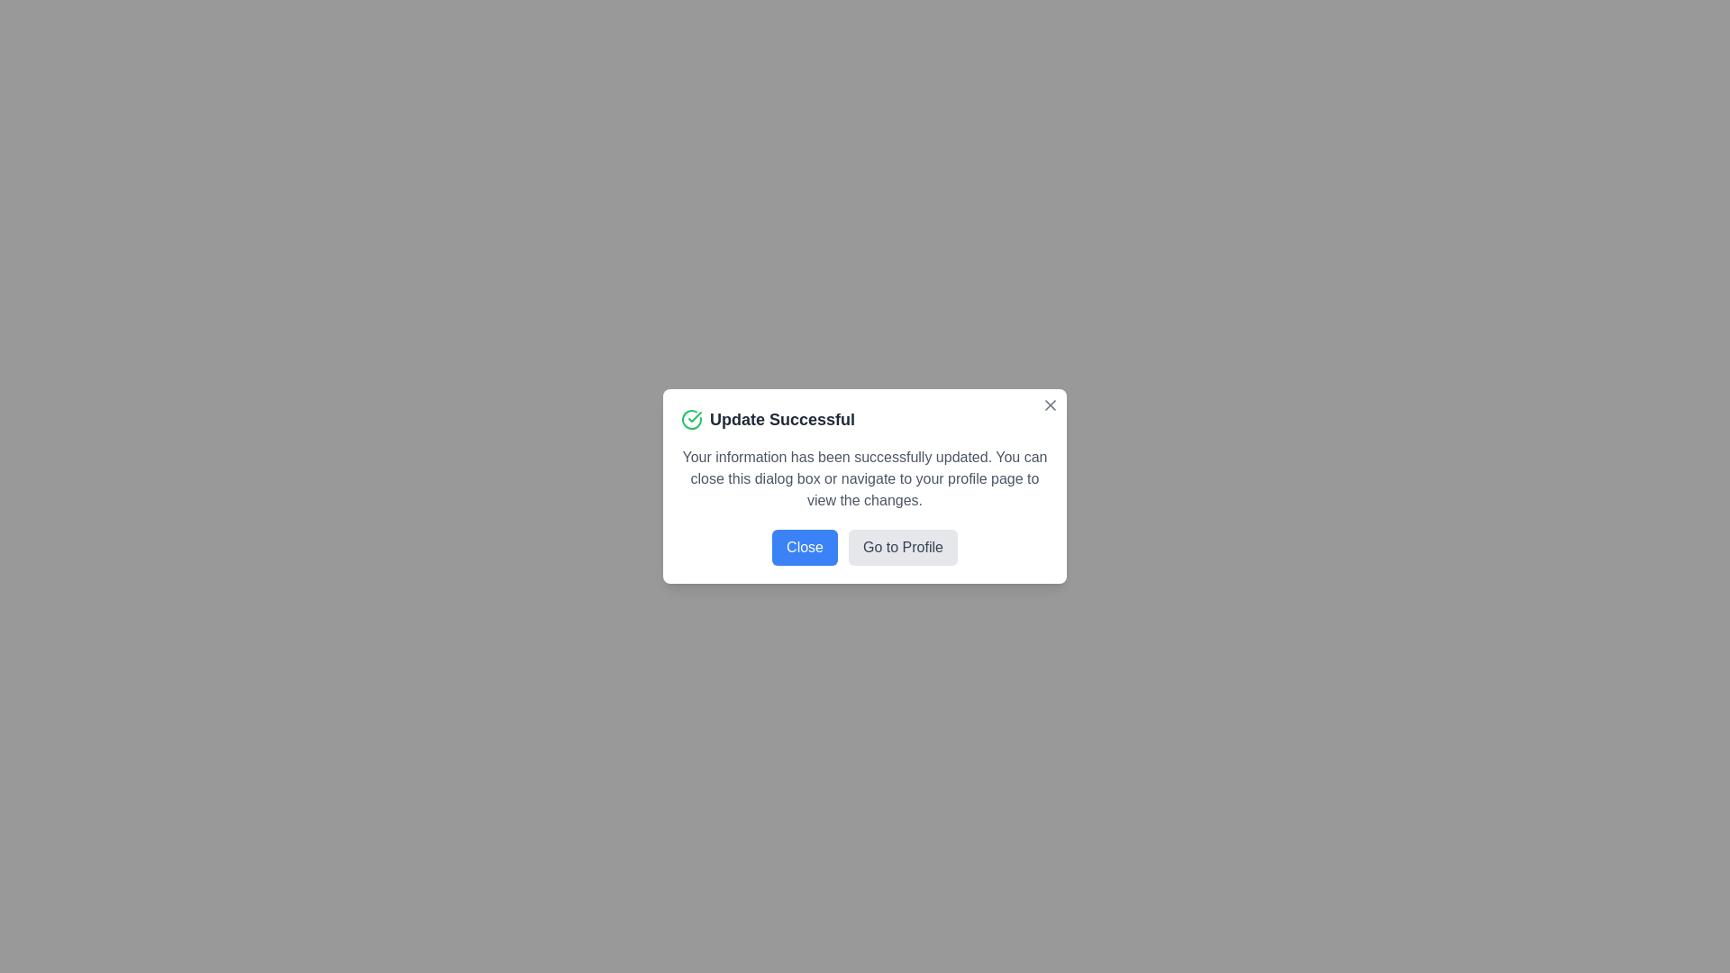  I want to click on the 'Close' button to dismiss the dialog, so click(804, 547).